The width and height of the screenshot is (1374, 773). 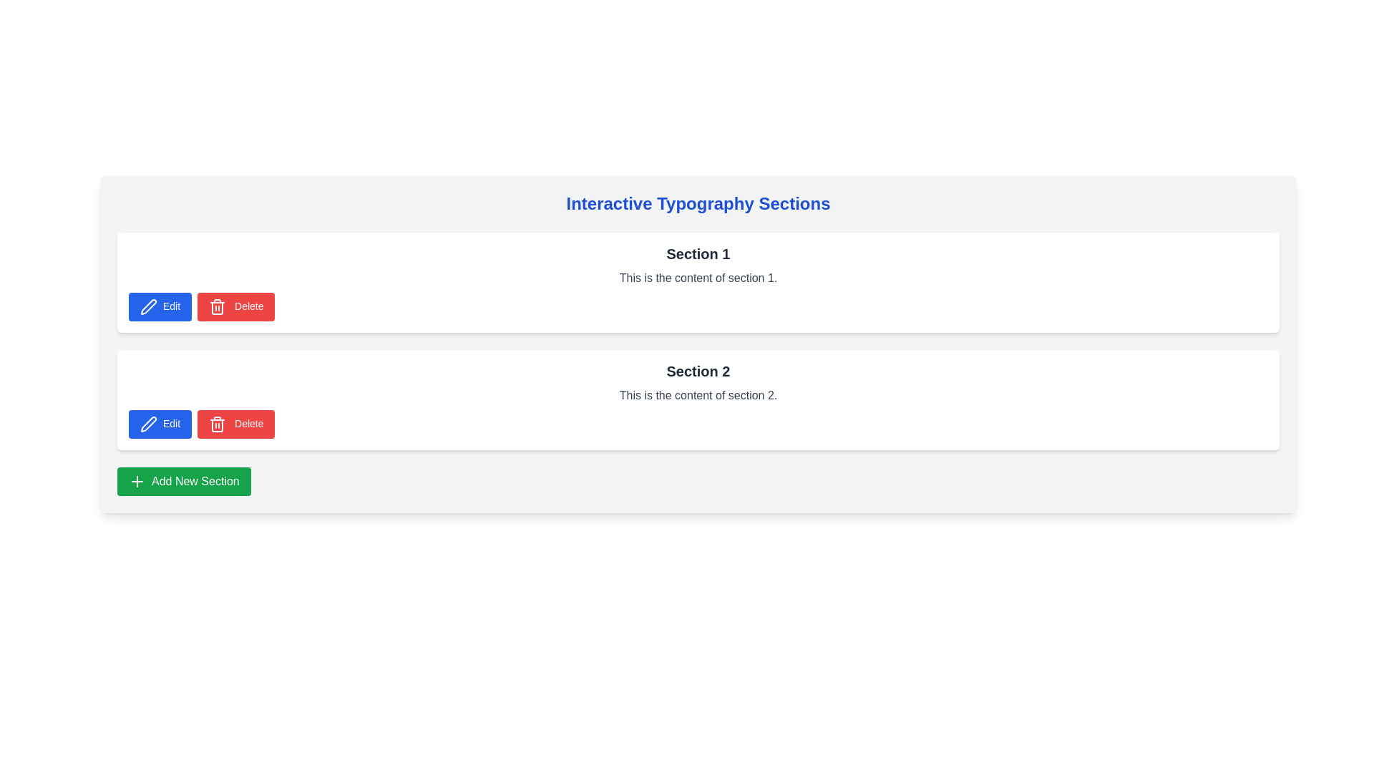 I want to click on the edit icon located within the blue 'Edit' button in the first section of the content layout, so click(x=147, y=306).